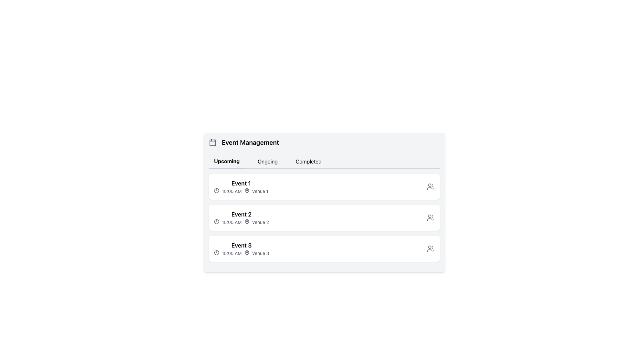  Describe the element at coordinates (260, 253) in the screenshot. I see `the text label displaying the venue name for 'Event 3', located to the right of the '10:00 AM' label and a pin icon in the 'Upcoming' tab of the 'Event Management' section` at that location.